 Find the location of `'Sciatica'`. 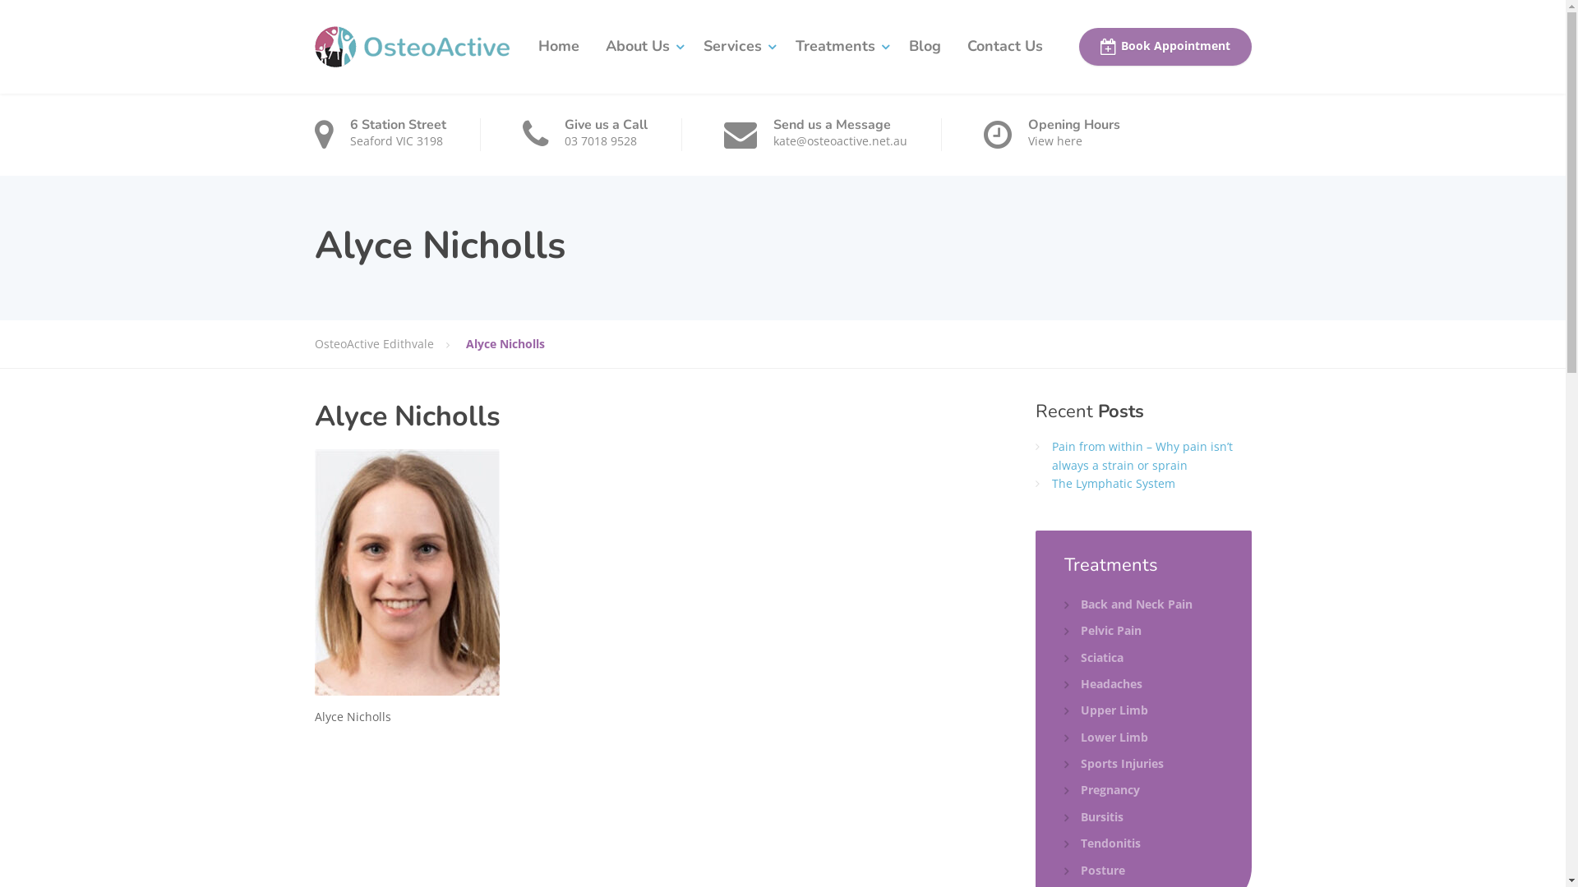

'Sciatica' is located at coordinates (1064, 657).